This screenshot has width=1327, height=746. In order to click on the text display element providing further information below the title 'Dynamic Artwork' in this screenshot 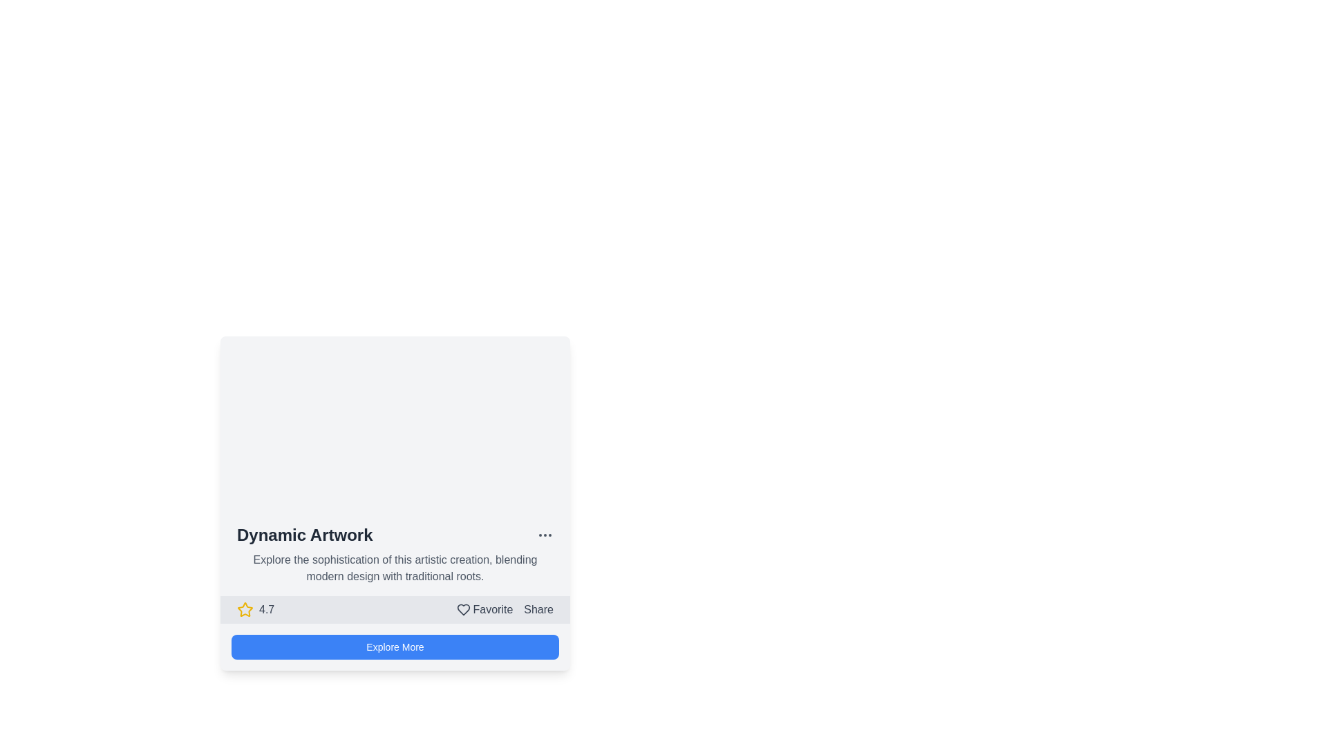, I will do `click(394, 568)`.